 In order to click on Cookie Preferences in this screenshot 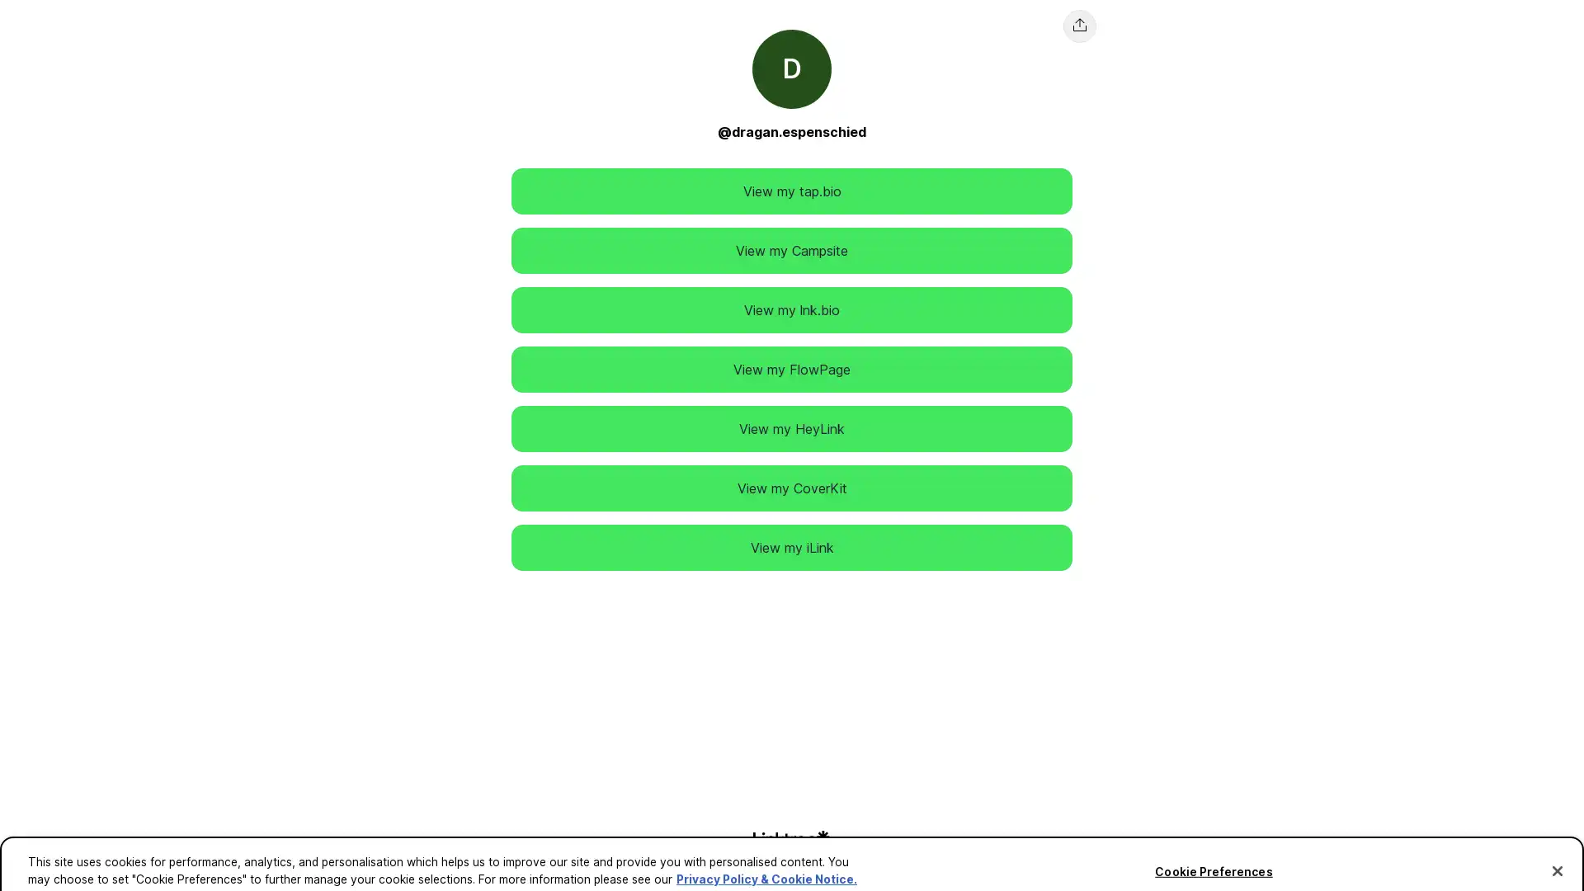, I will do `click(44, 866)`.